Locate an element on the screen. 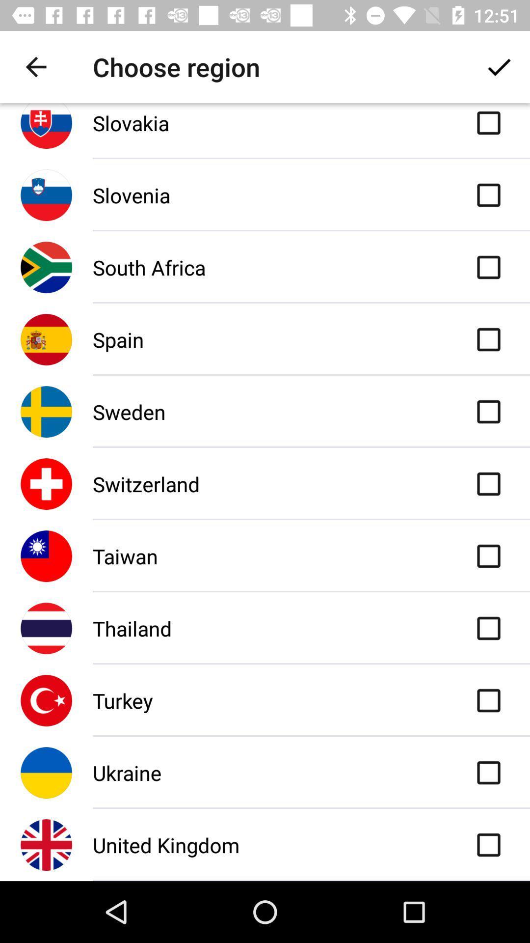 The image size is (530, 943). icon to the left of choose region is located at coordinates (35, 66).